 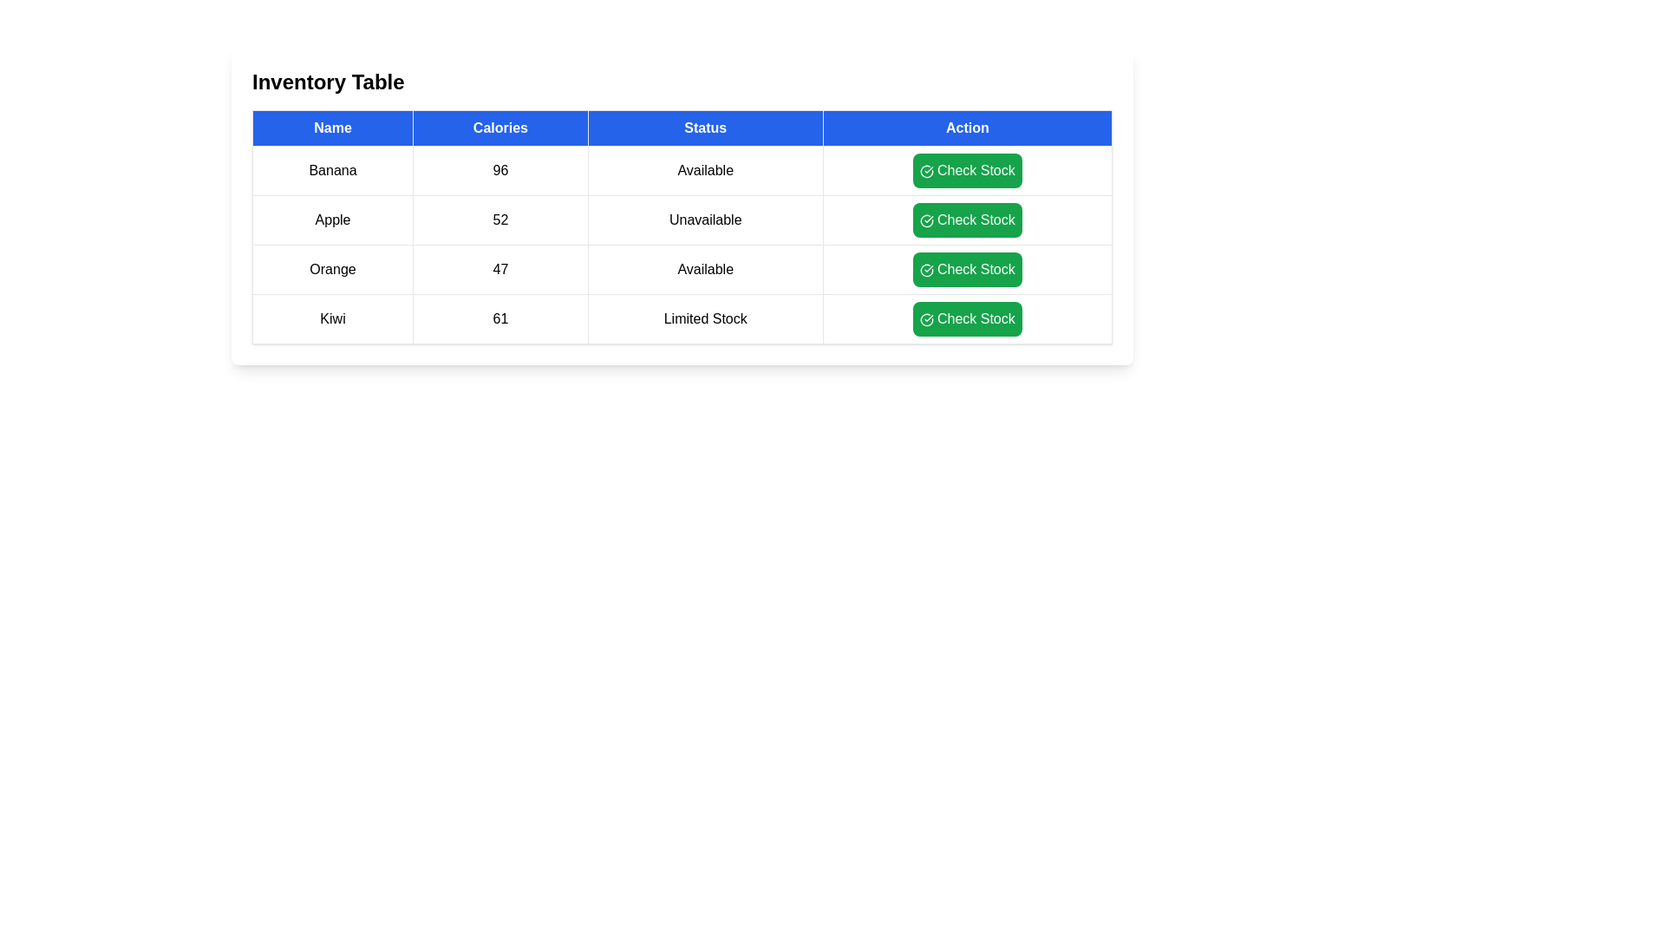 What do you see at coordinates (966, 220) in the screenshot?
I see `'Check Stock' button for the item Apple` at bounding box center [966, 220].